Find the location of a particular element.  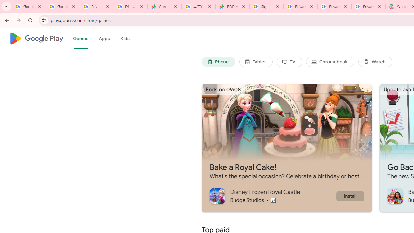

'Tablet' is located at coordinates (256, 62).